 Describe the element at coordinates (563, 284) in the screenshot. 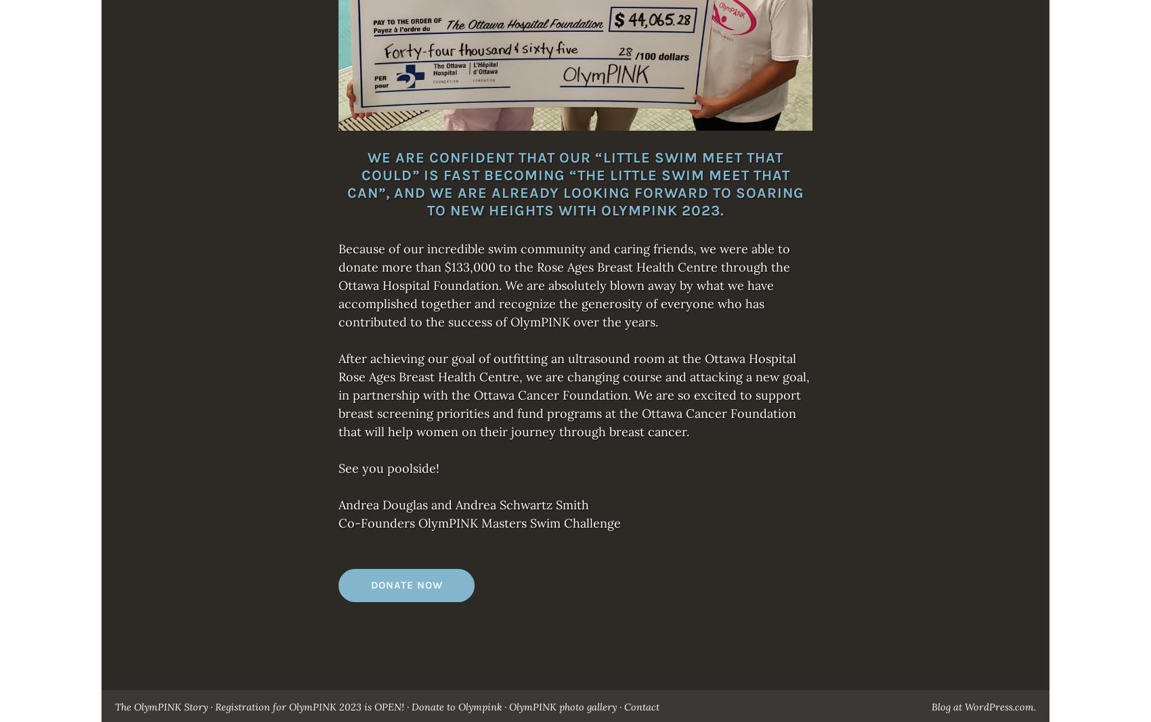

I see `'Because of our incredible swim community and caring friends, we were able to donate more than $133,000 to the Rose Ages Breast Health Centre through the Ottawa Hospital Foundation. We are absolutely blown away by what we have accomplished together and recognize the generosity of everyone who has contributed to the success of OlymPINK over the years.'` at that location.